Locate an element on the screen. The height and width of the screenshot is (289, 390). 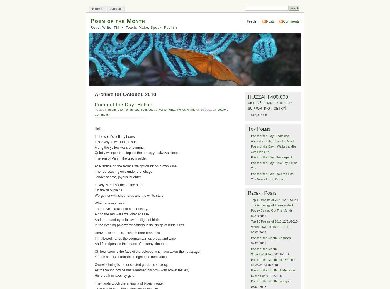
'12/31/2020' is located at coordinates (290, 199).